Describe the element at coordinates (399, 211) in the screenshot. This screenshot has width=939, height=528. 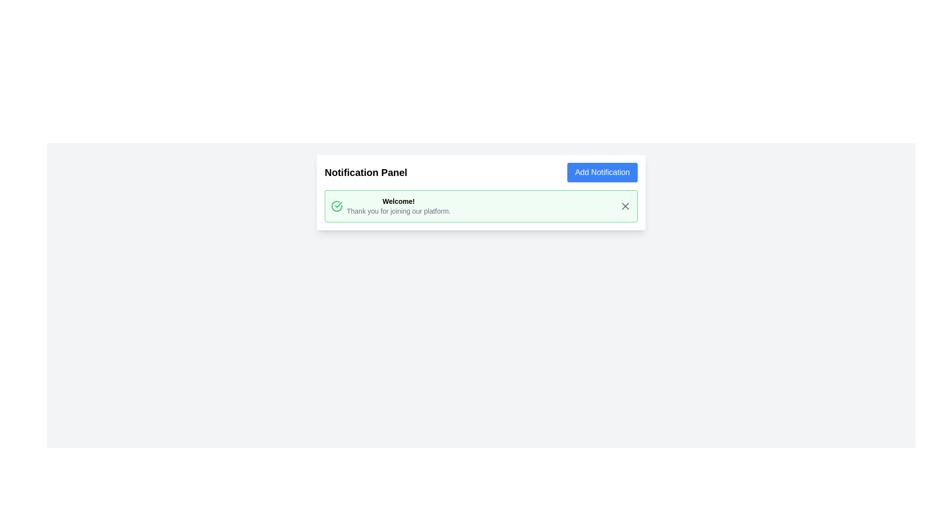
I see `the thank-you message text element located below the 'Welcome!' text in the green-bordered notification card within the 'Notification Panel'` at that location.